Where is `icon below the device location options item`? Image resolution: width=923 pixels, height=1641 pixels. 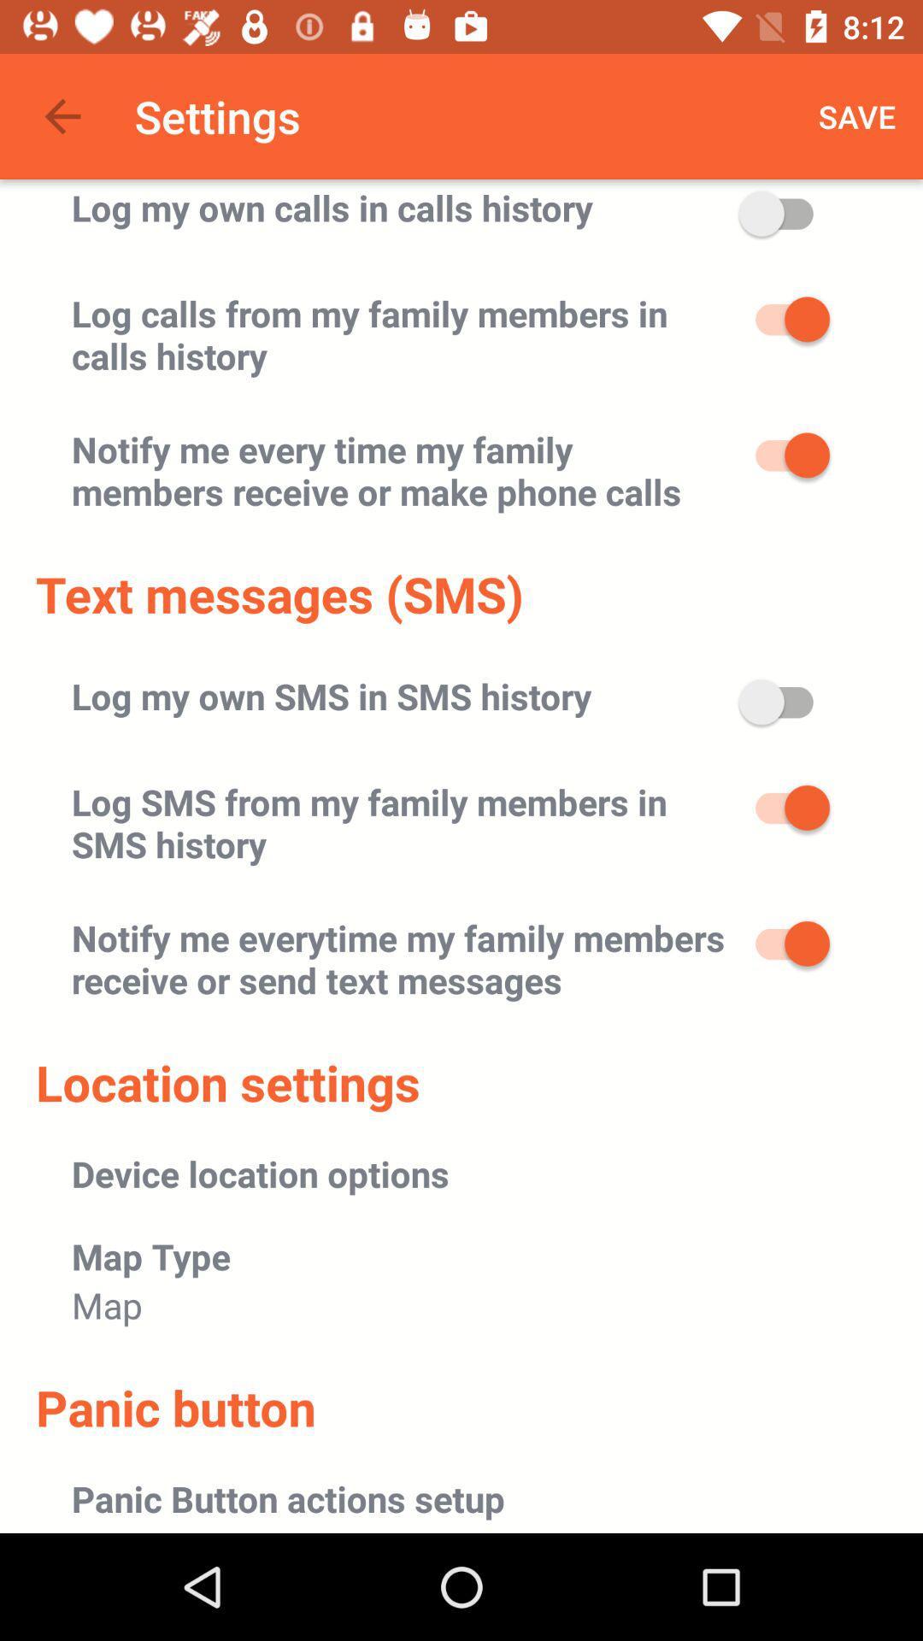 icon below the device location options item is located at coordinates (150, 1256).